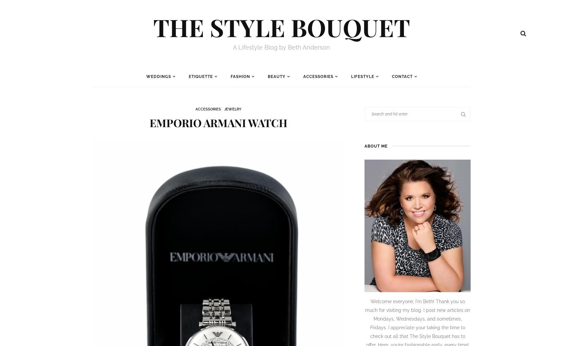 This screenshot has width=563, height=346. Describe the element at coordinates (276, 77) in the screenshot. I see `'Beauty'` at that location.